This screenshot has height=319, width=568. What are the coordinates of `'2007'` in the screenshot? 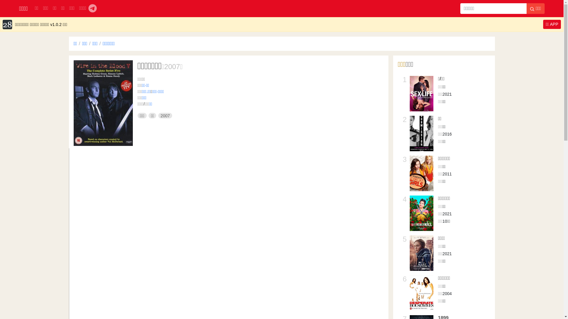 It's located at (165, 116).